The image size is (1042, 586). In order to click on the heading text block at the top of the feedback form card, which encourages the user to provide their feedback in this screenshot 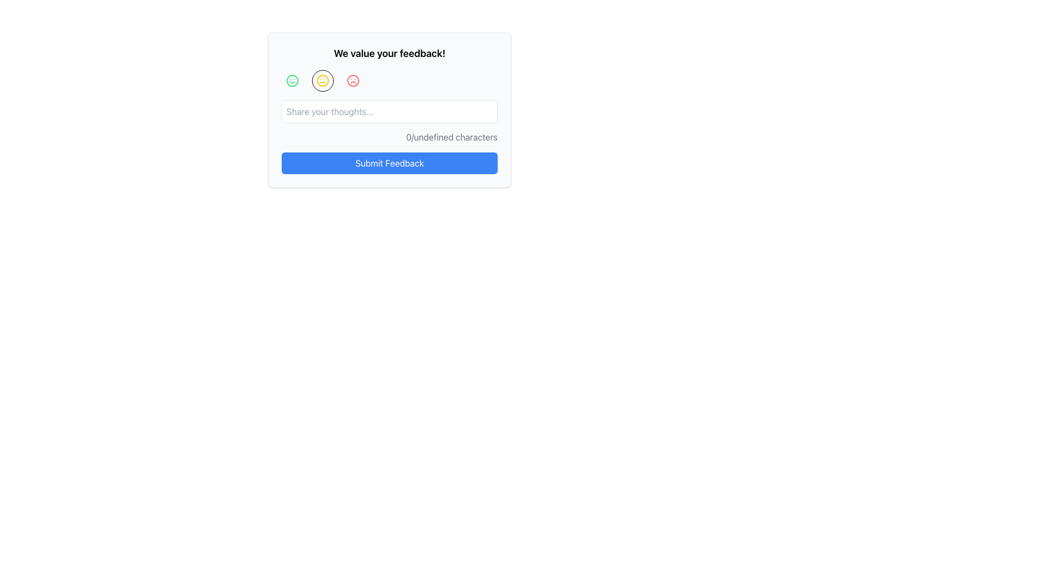, I will do `click(390, 54)`.